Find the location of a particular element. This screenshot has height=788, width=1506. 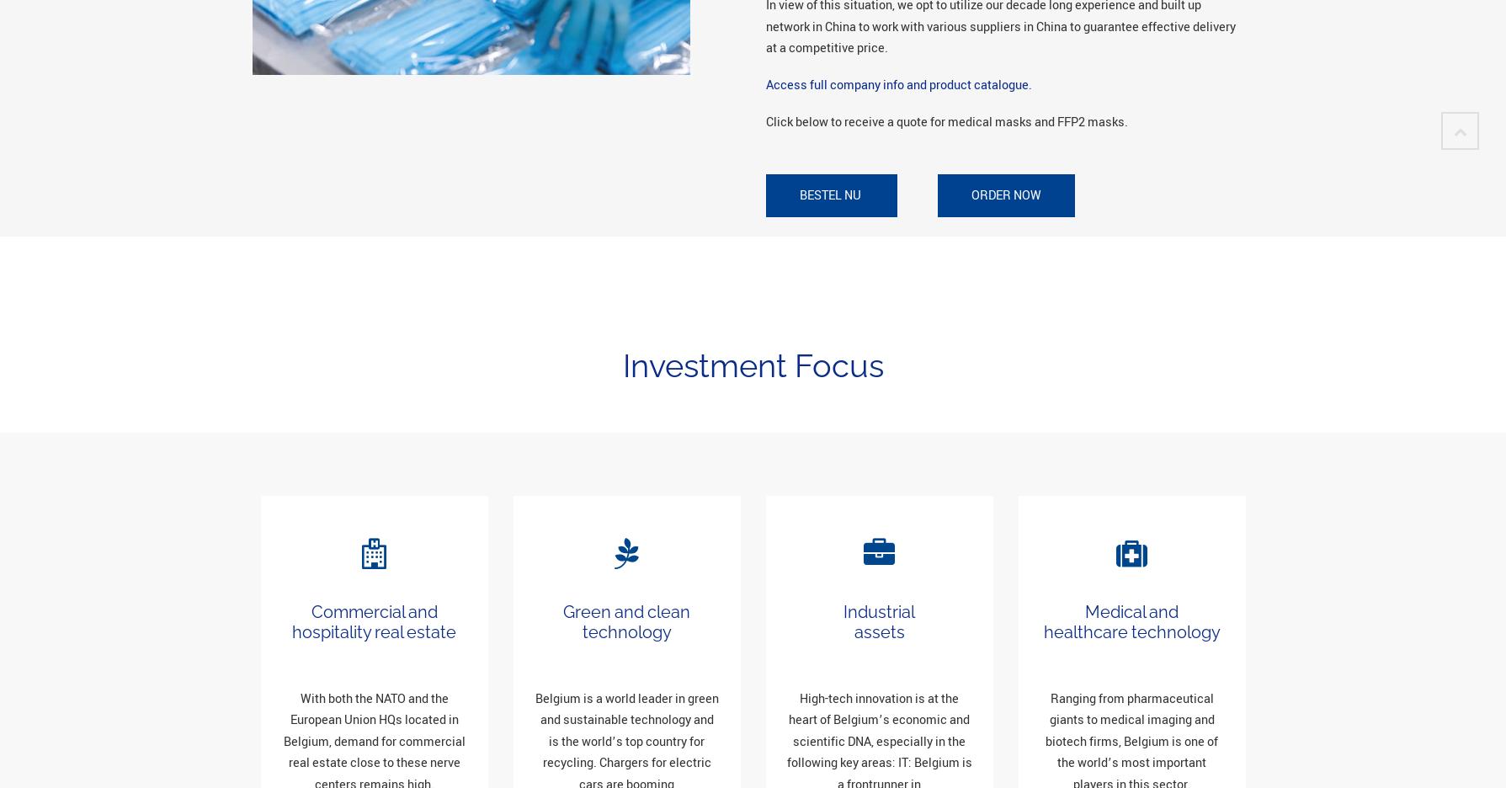

'Click below to receive a quote for medical masks and FFP2 masks.' is located at coordinates (945, 121).